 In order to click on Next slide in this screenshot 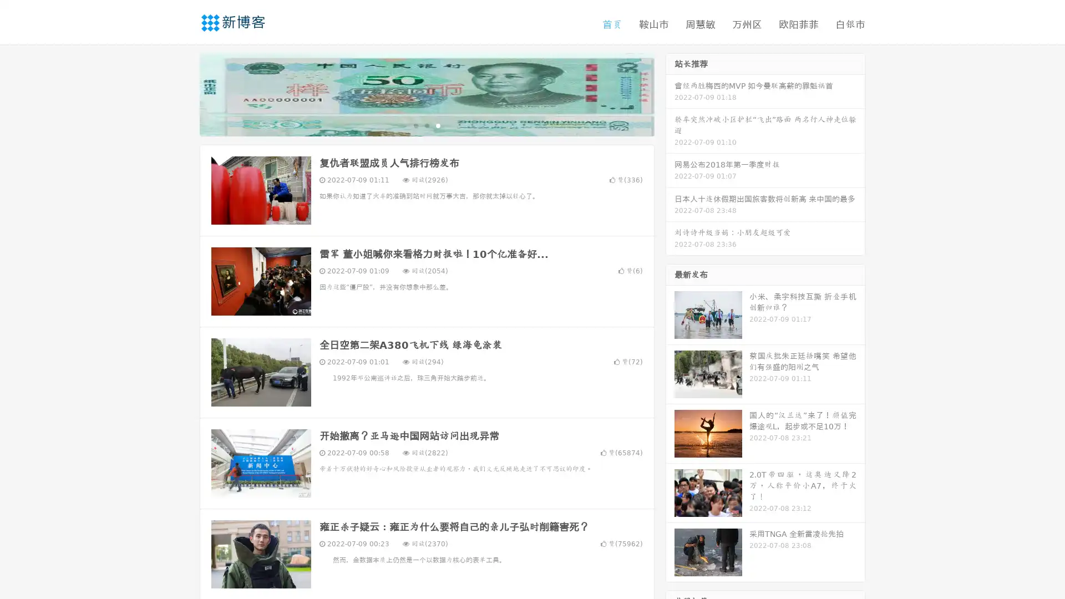, I will do `click(670, 93)`.